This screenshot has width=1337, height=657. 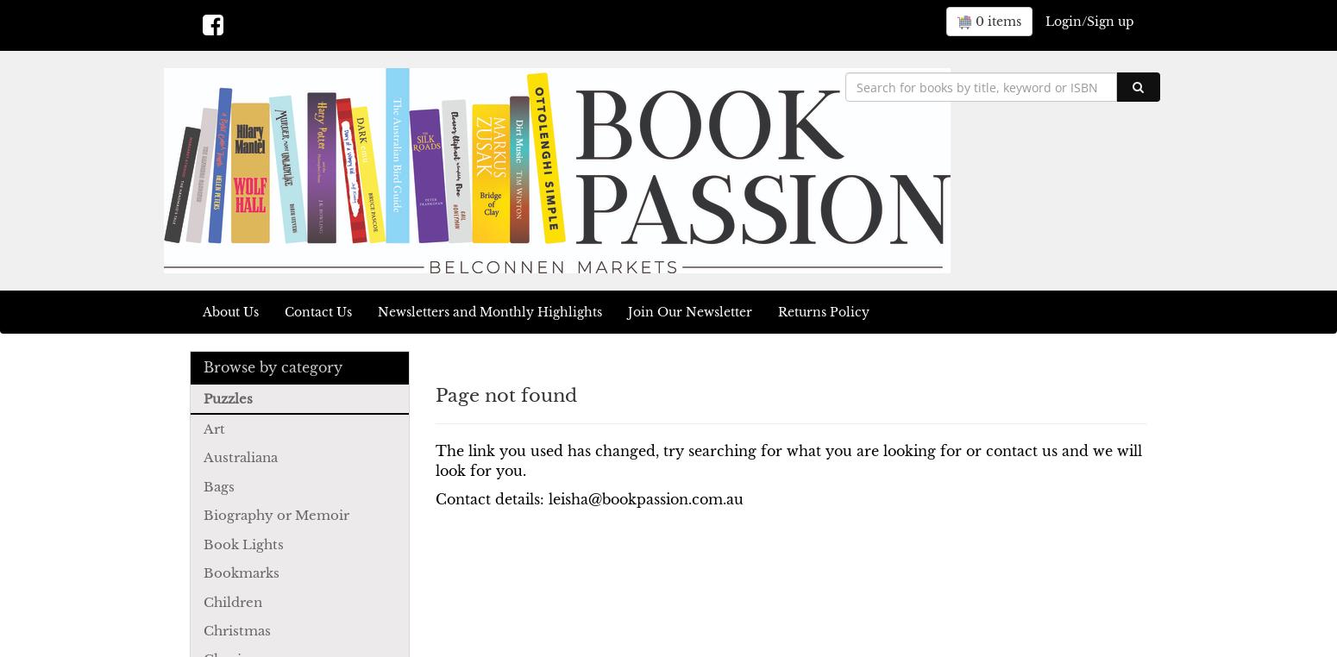 I want to click on 'Christmas', so click(x=204, y=629).